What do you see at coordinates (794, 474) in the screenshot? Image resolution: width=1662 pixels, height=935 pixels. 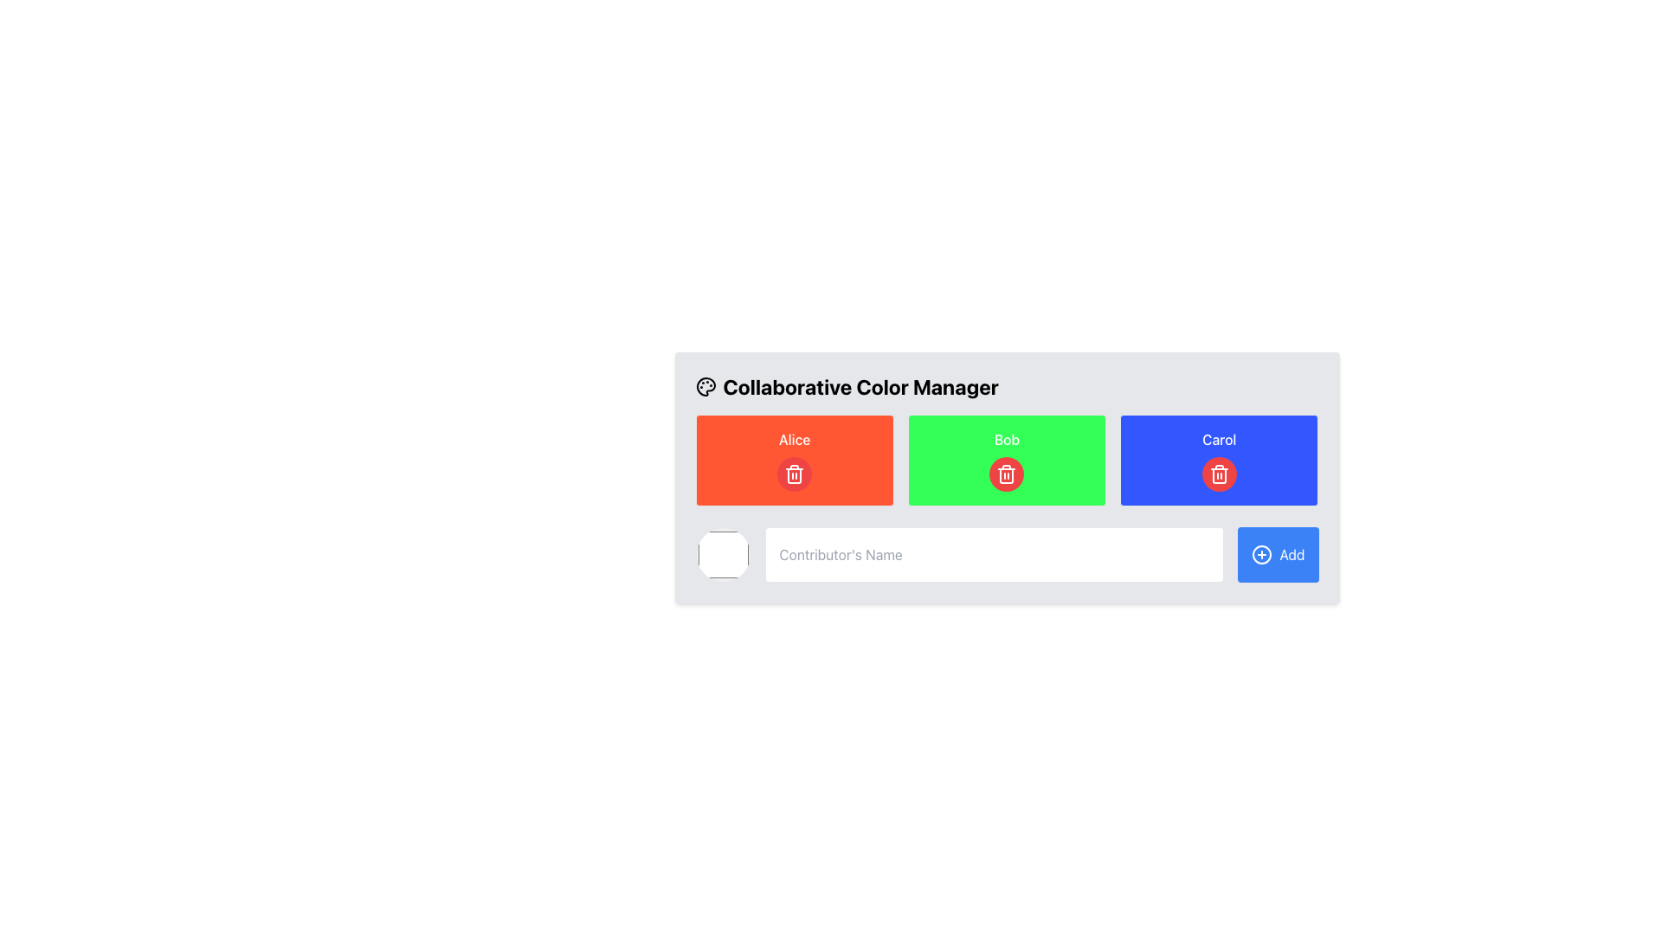 I see `the delete icon button within the red circular background on the 'Bob' card` at bounding box center [794, 474].